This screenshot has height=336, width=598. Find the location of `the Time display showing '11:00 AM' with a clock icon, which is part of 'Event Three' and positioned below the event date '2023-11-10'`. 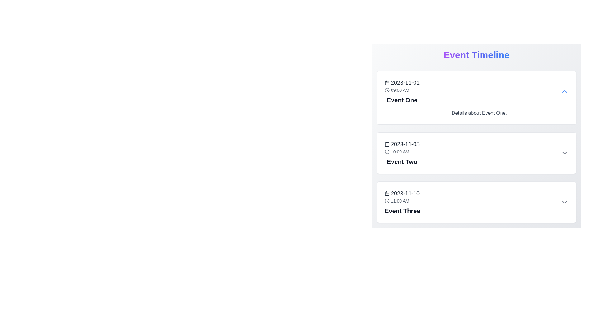

the Time display showing '11:00 AM' with a clock icon, which is part of 'Event Three' and positioned below the event date '2023-11-10' is located at coordinates (402, 201).